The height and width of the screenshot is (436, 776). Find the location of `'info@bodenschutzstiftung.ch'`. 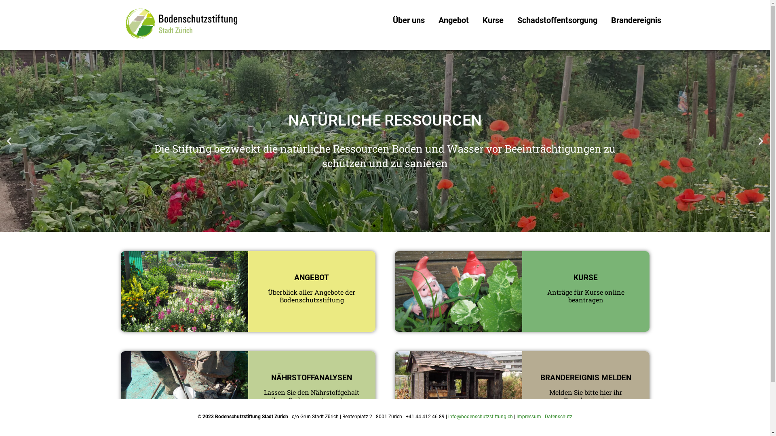

'info@bodenschutzstiftung.ch' is located at coordinates (481, 417).